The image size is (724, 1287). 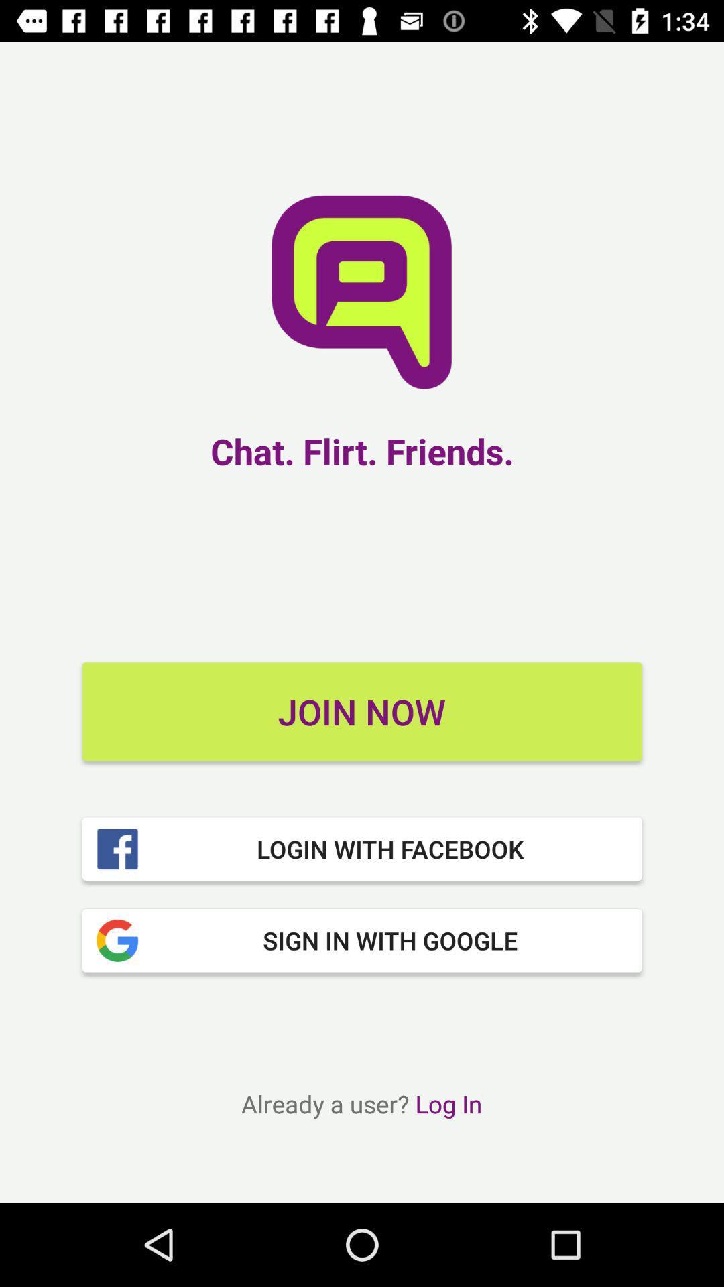 What do you see at coordinates (361, 1103) in the screenshot?
I see `the already a user` at bounding box center [361, 1103].